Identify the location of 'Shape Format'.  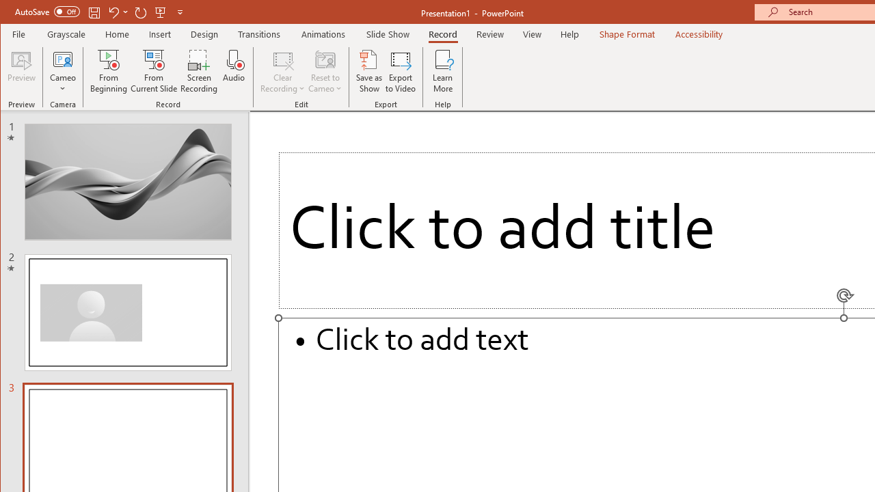
(626, 33).